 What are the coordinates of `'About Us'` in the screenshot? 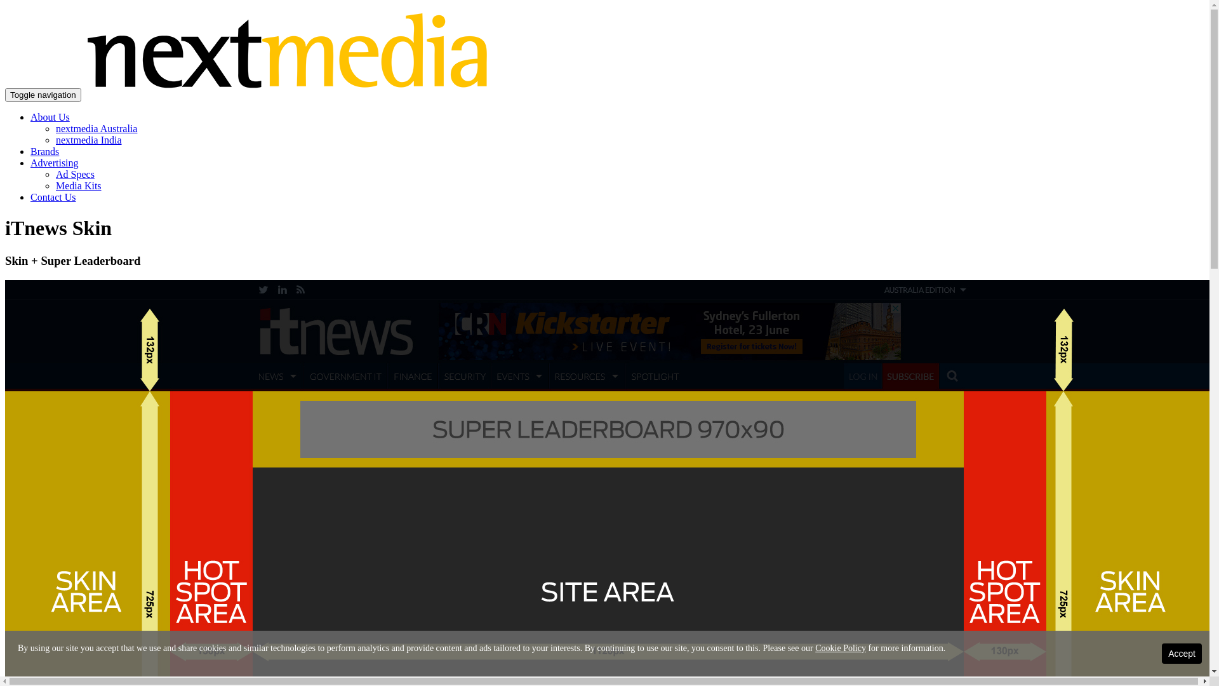 It's located at (30, 117).